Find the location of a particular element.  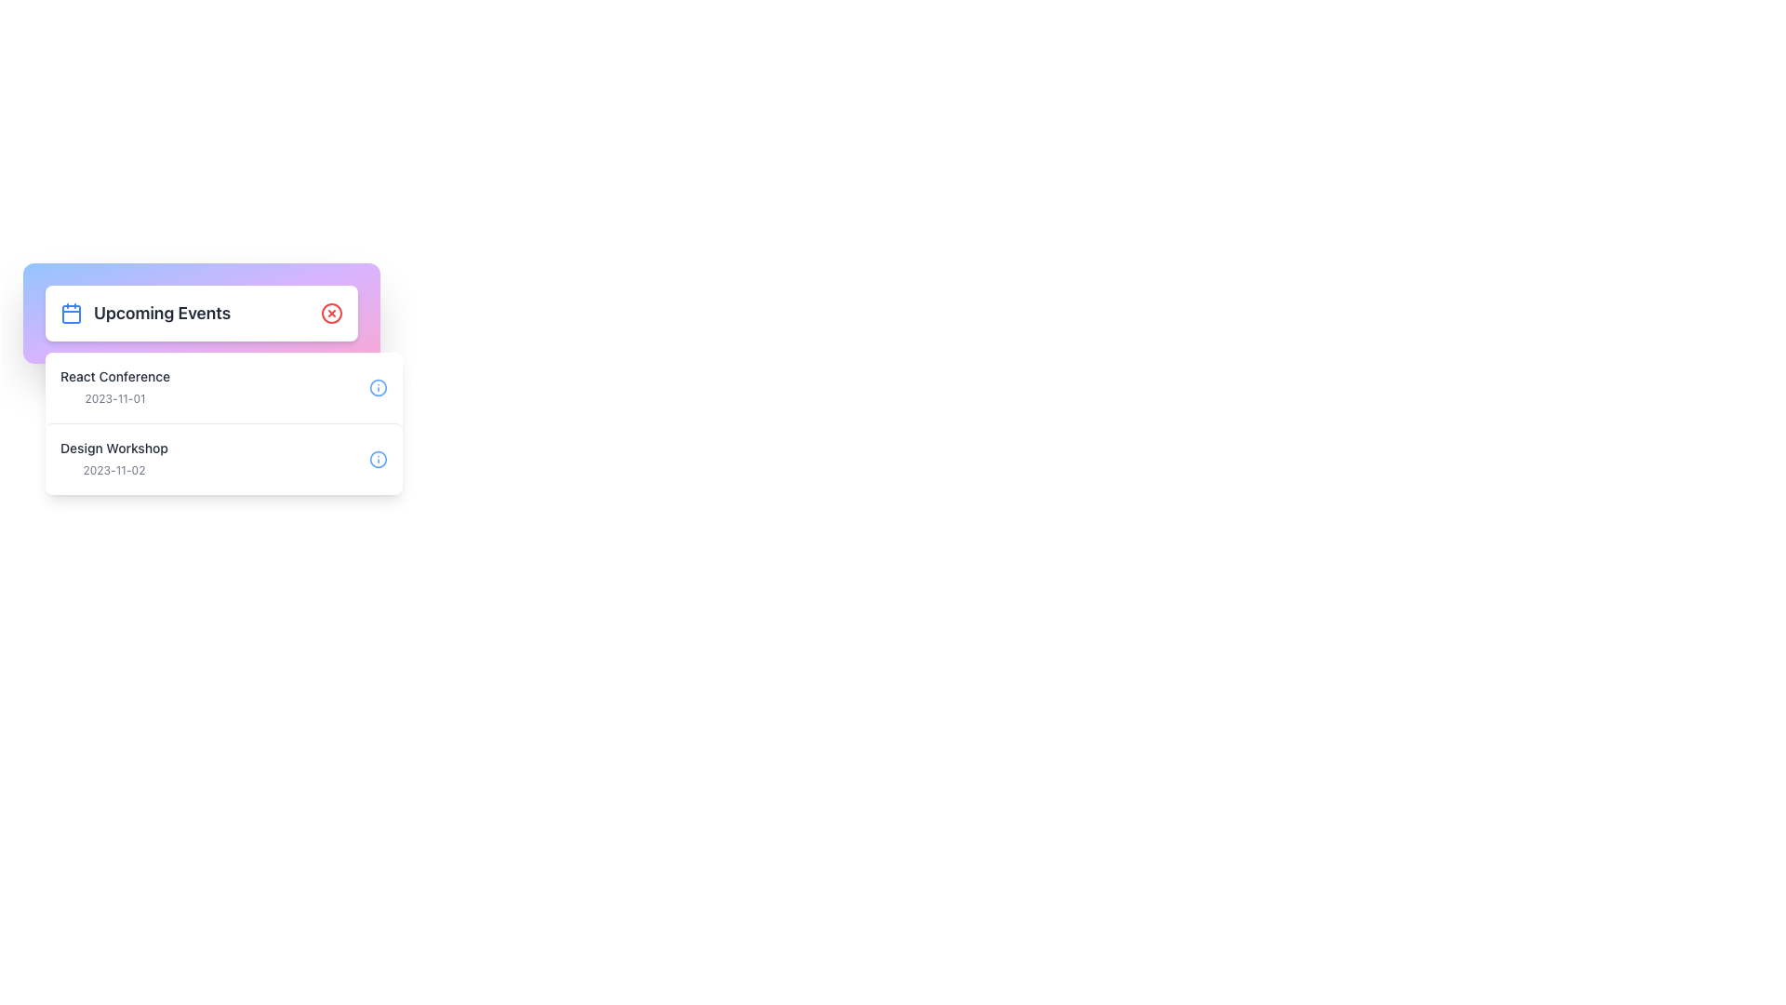

static text displaying the date '2023-11-01' located below the 'React Conference' header in the 'Upcoming Events' list is located at coordinates (114, 397).